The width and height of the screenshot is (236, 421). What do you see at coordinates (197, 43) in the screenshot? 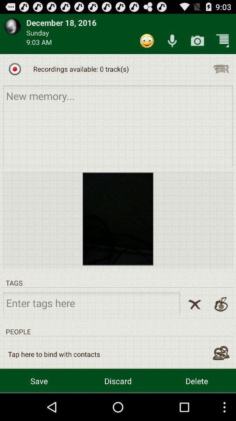
I see `the photo icon` at bounding box center [197, 43].